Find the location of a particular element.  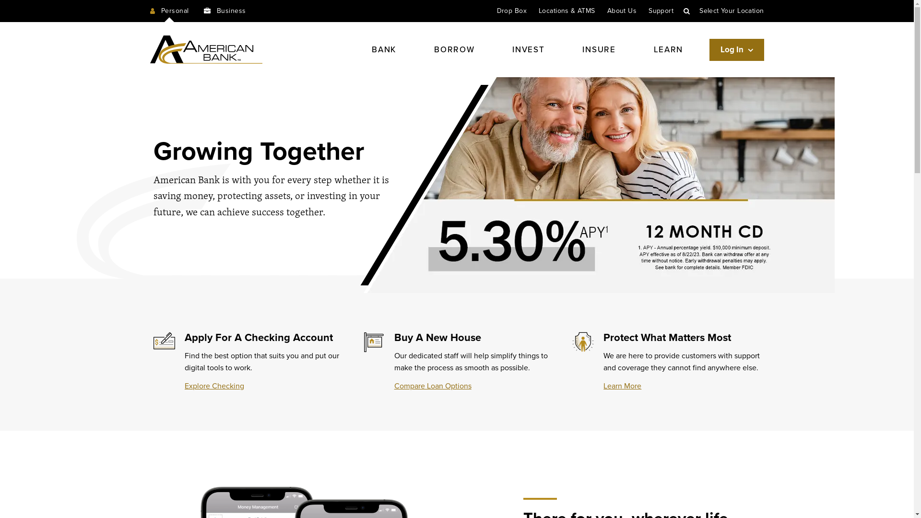

'Drop Box' is located at coordinates (511, 11).